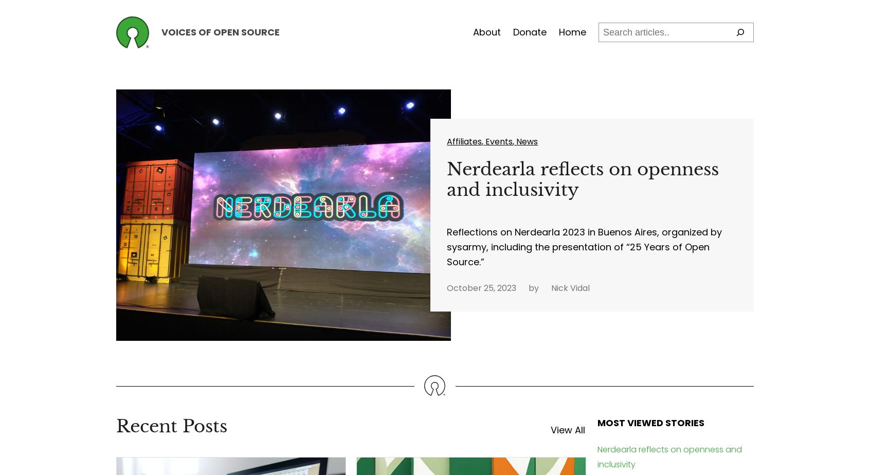 This screenshot has width=870, height=475. What do you see at coordinates (584, 246) in the screenshot?
I see `'Reflections on Nerdearla 2023 in Buenos Aires, organized by sysarmy, including the presentation of “25 Years of Open Source.”'` at bounding box center [584, 246].